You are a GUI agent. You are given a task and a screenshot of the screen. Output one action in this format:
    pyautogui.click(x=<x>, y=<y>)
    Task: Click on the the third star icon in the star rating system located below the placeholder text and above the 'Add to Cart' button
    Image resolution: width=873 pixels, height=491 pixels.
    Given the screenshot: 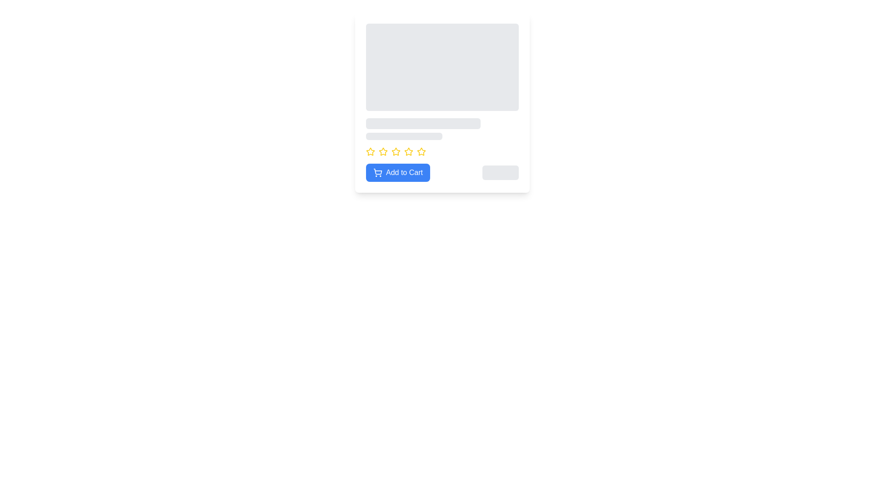 What is the action you would take?
    pyautogui.click(x=396, y=151)
    